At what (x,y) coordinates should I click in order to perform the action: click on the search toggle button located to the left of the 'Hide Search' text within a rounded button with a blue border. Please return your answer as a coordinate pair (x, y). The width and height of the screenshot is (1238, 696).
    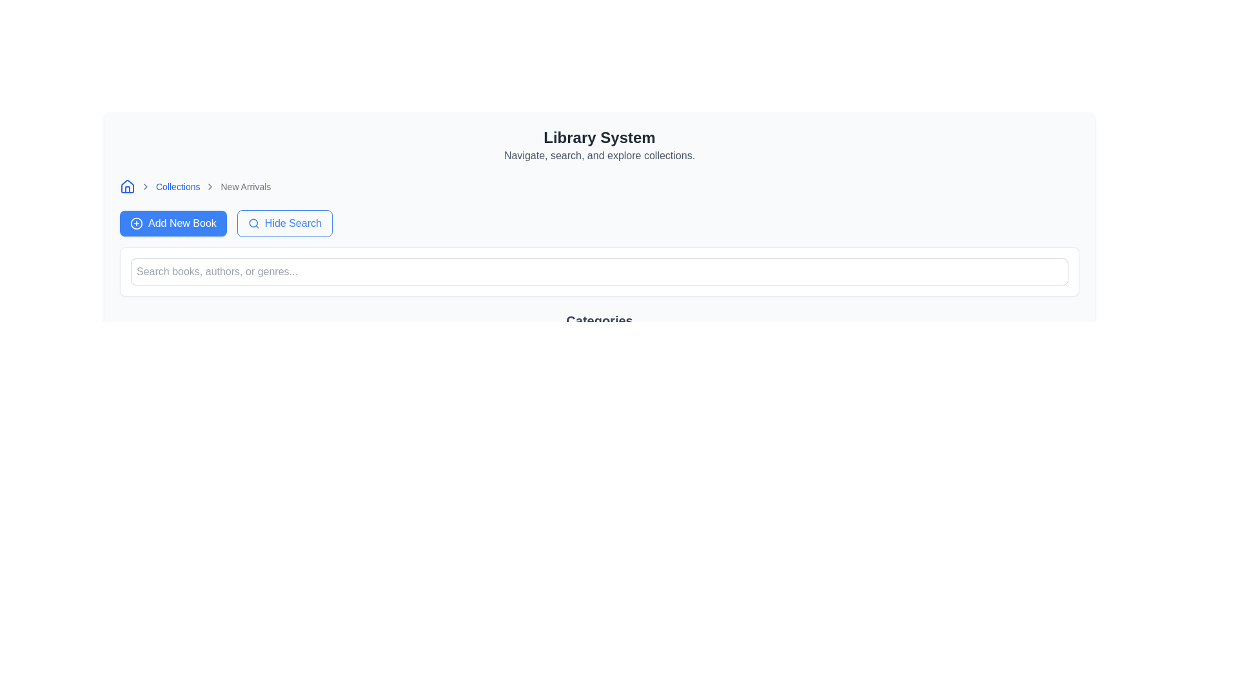
    Looking at the image, I should click on (253, 223).